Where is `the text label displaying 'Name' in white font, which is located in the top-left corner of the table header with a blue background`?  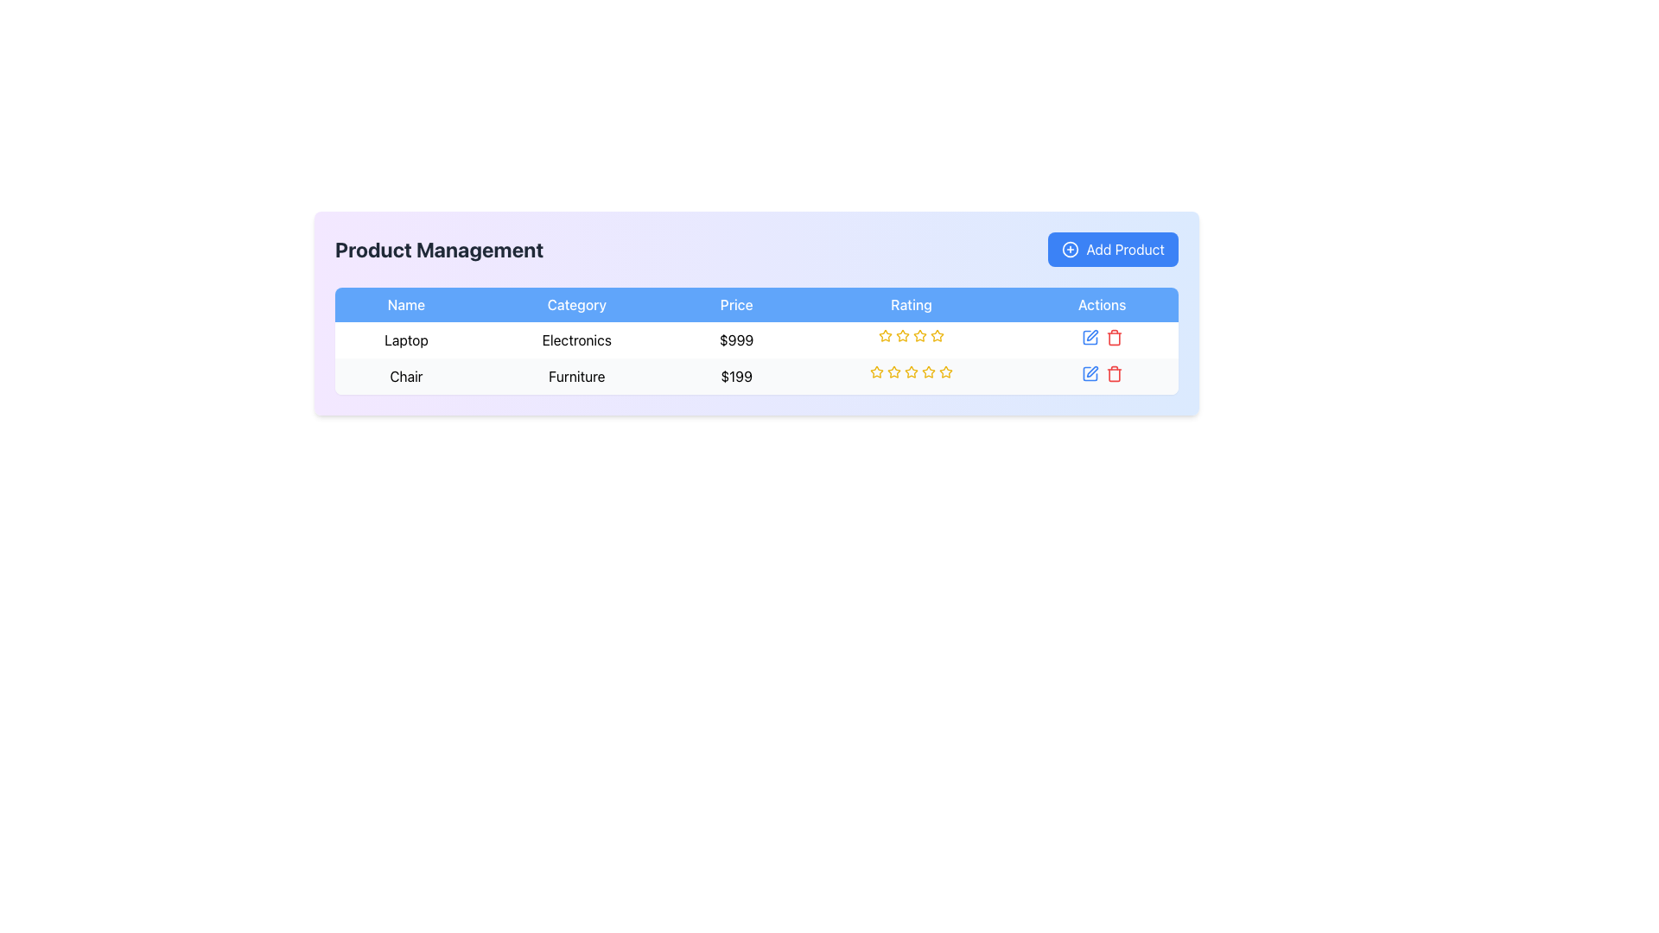 the text label displaying 'Name' in white font, which is located in the top-left corner of the table header with a blue background is located at coordinates (405, 304).